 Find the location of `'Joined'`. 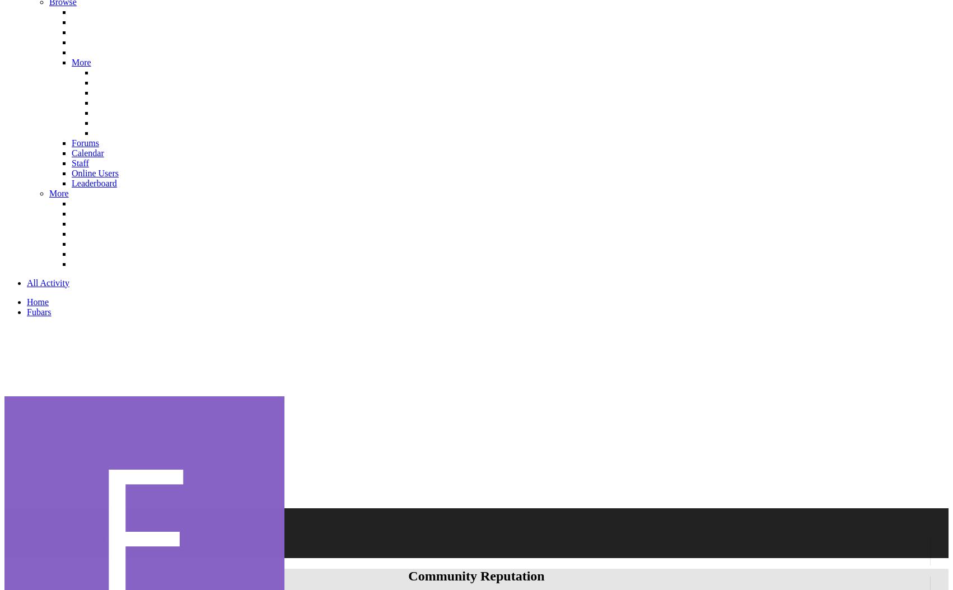

'Joined' is located at coordinates (113, 580).